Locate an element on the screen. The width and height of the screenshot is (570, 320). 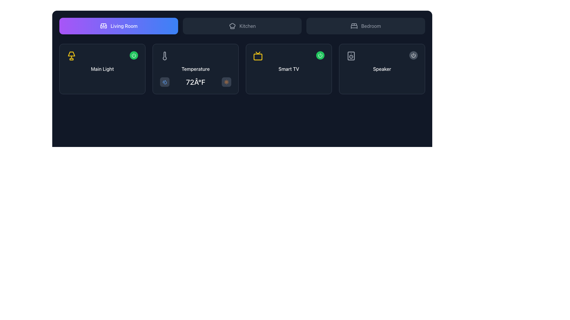
the thermometer icon in the Temperature panel, which indicates temperature settings or information is located at coordinates (165, 56).